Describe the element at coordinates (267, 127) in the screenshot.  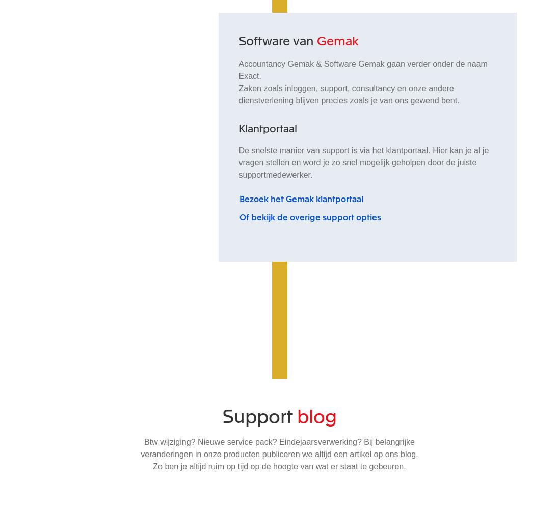
I see `'Klantportaal'` at that location.